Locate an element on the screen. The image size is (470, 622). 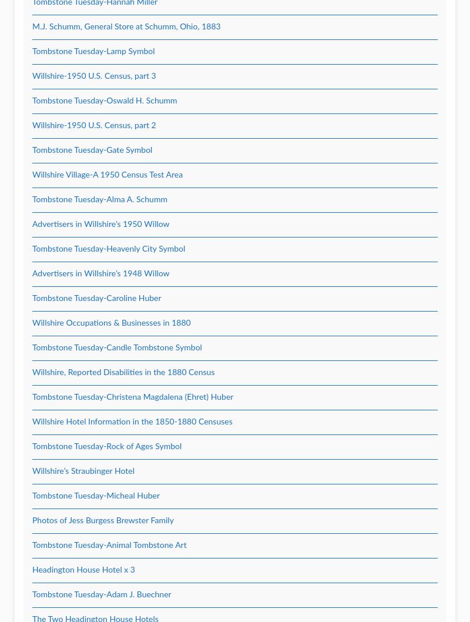
'Tombstone Tuesday-Micheal Huber' is located at coordinates (96, 495).